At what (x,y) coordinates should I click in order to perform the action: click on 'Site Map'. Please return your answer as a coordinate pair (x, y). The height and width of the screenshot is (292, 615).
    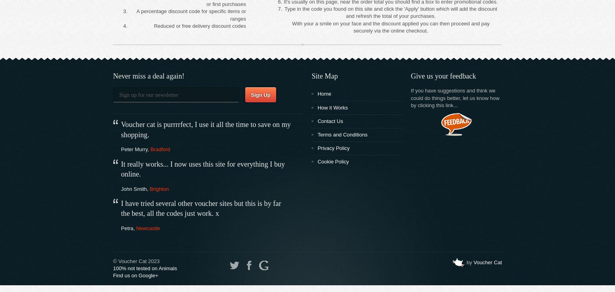
    Looking at the image, I should click on (324, 75).